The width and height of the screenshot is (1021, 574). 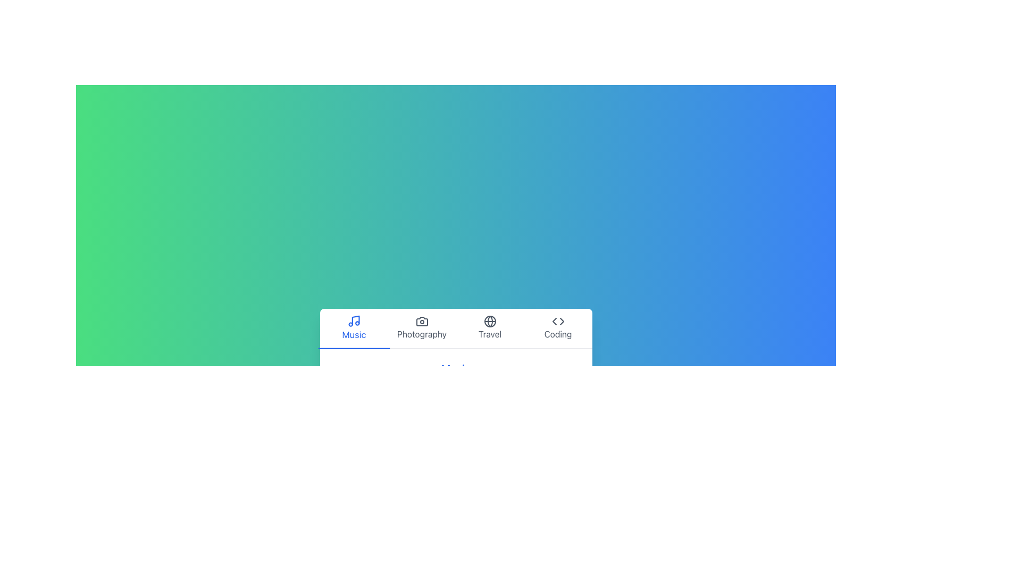 What do you see at coordinates (489, 320) in the screenshot?
I see `the globe icon` at bounding box center [489, 320].